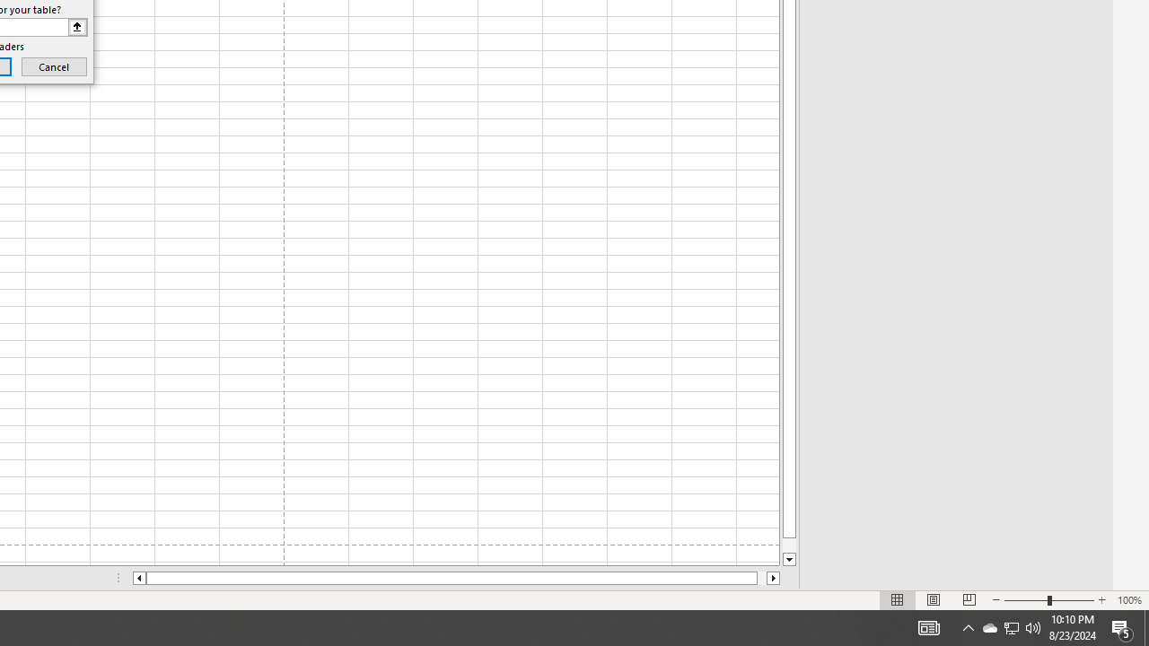 The width and height of the screenshot is (1149, 646). What do you see at coordinates (789, 559) in the screenshot?
I see `'Line down'` at bounding box center [789, 559].